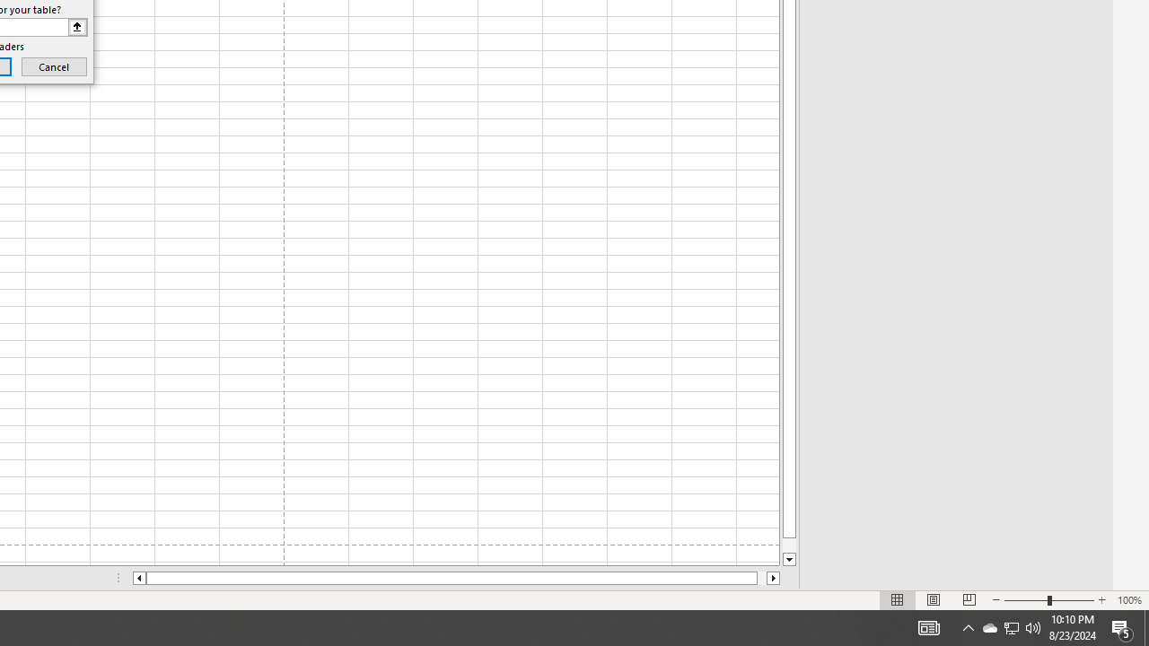 The width and height of the screenshot is (1149, 646). What do you see at coordinates (789, 559) in the screenshot?
I see `'Line down'` at bounding box center [789, 559].